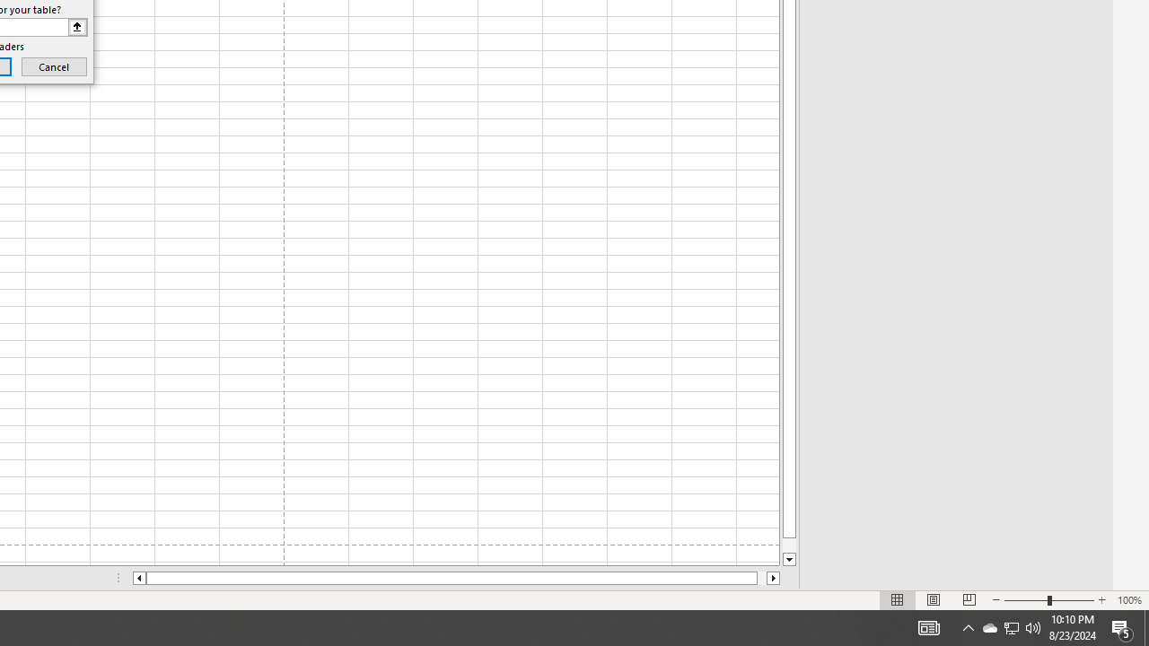 The width and height of the screenshot is (1149, 646). What do you see at coordinates (789, 559) in the screenshot?
I see `'Line down'` at bounding box center [789, 559].